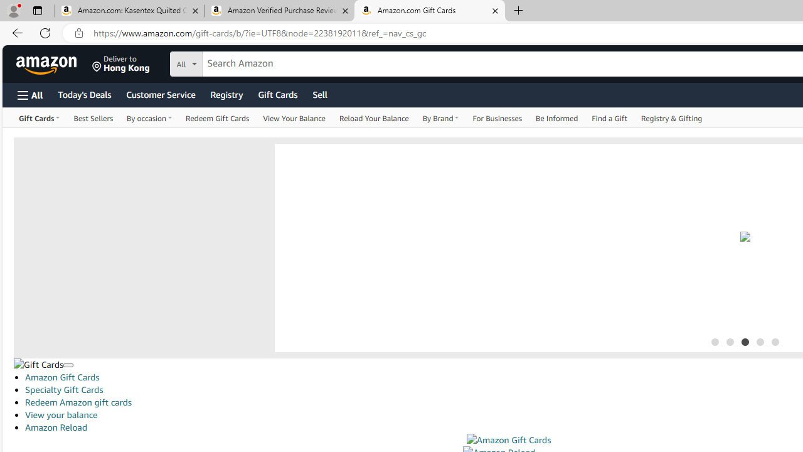 This screenshot has width=803, height=452. What do you see at coordinates (671, 117) in the screenshot?
I see `'Registry & Gifting'` at bounding box center [671, 117].